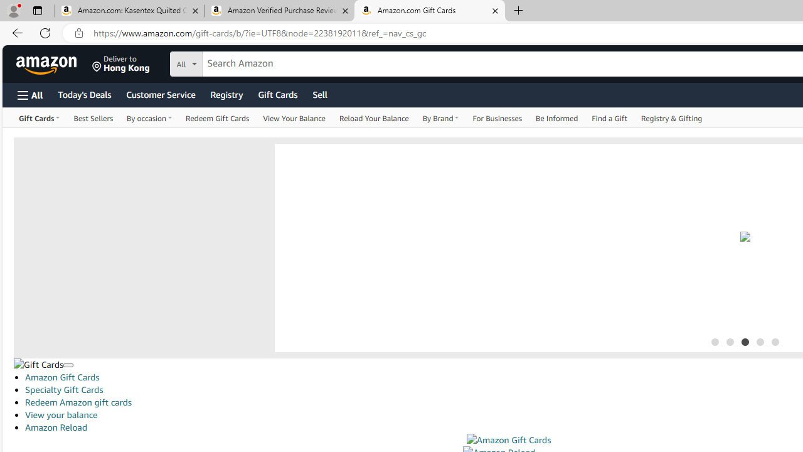 This screenshot has width=803, height=452. What do you see at coordinates (671, 117) in the screenshot?
I see `'Registry & Gifting'` at bounding box center [671, 117].